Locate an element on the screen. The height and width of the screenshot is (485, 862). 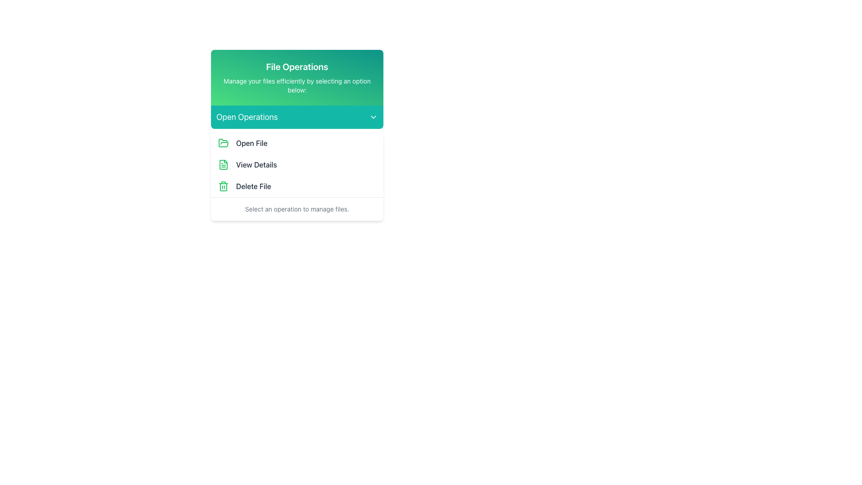
the second button in the 'File Operations' list, which allows users is located at coordinates (297, 164).